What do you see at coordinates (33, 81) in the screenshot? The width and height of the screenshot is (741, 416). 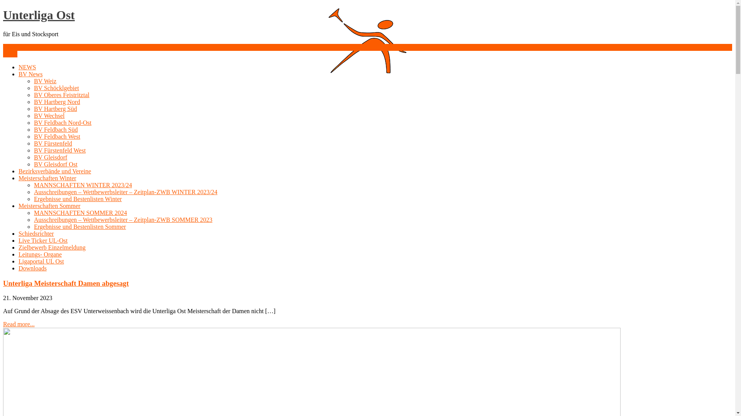 I see `'BV Weiz'` at bounding box center [33, 81].